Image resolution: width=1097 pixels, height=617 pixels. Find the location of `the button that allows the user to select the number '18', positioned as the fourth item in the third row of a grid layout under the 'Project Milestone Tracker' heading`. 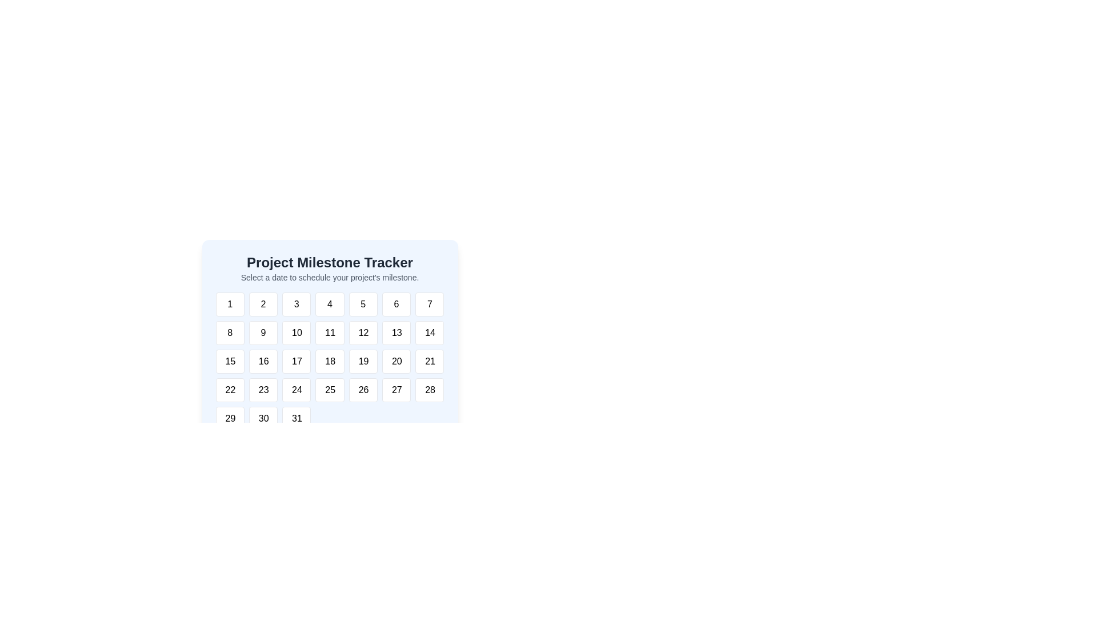

the button that allows the user to select the number '18', positioned as the fourth item in the third row of a grid layout under the 'Project Milestone Tracker' heading is located at coordinates (329, 361).